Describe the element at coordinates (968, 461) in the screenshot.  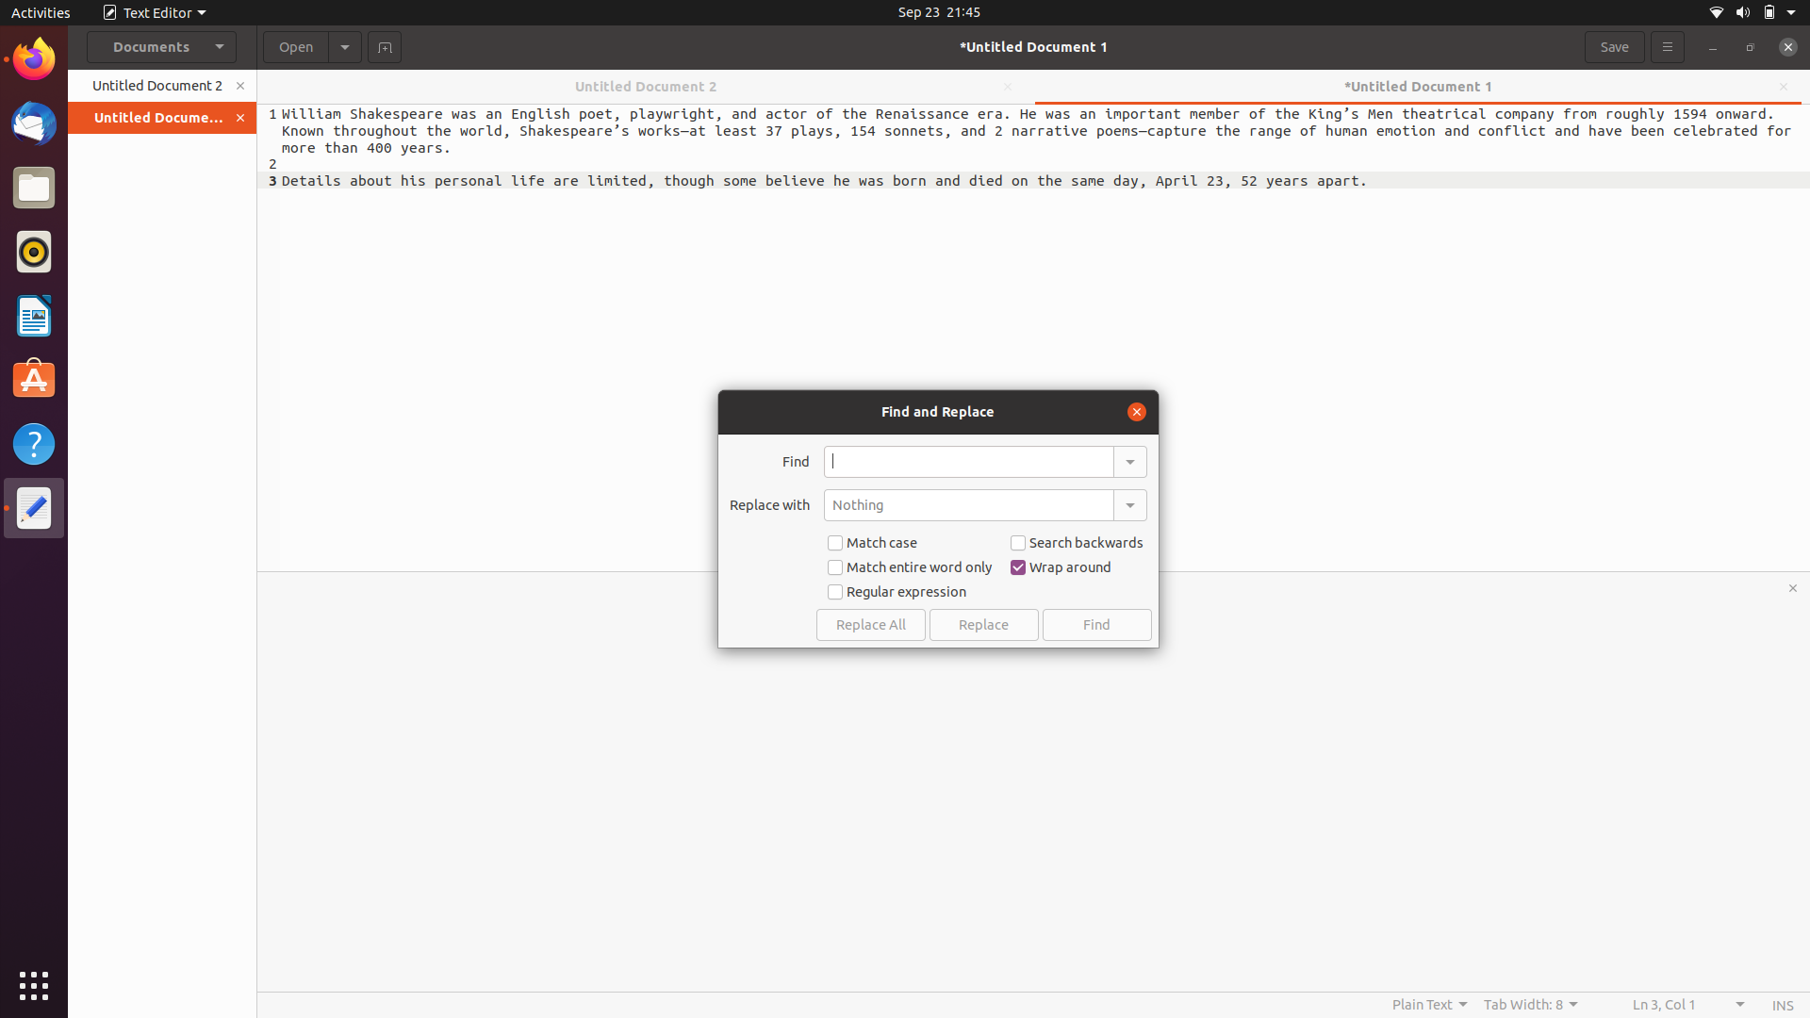
I see `the word "python" in the document and replace it with "java` at that location.